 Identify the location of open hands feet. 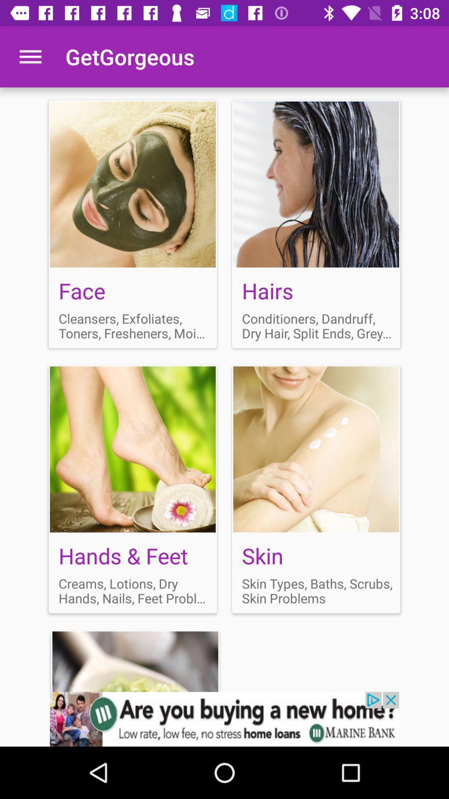
(132, 489).